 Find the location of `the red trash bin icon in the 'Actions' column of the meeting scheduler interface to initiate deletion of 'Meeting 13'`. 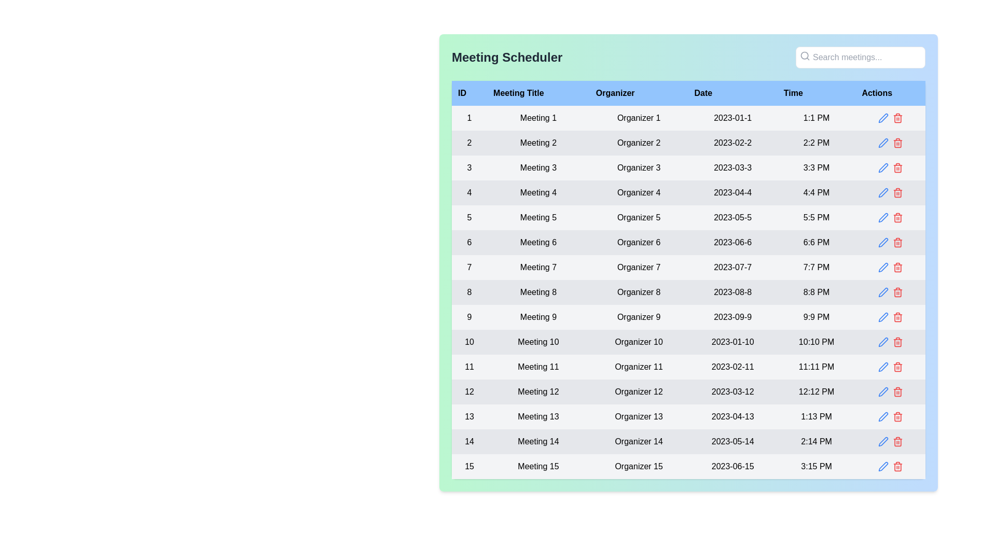

the red trash bin icon in the 'Actions' column of the meeting scheduler interface to initiate deletion of 'Meeting 13' is located at coordinates (897, 416).